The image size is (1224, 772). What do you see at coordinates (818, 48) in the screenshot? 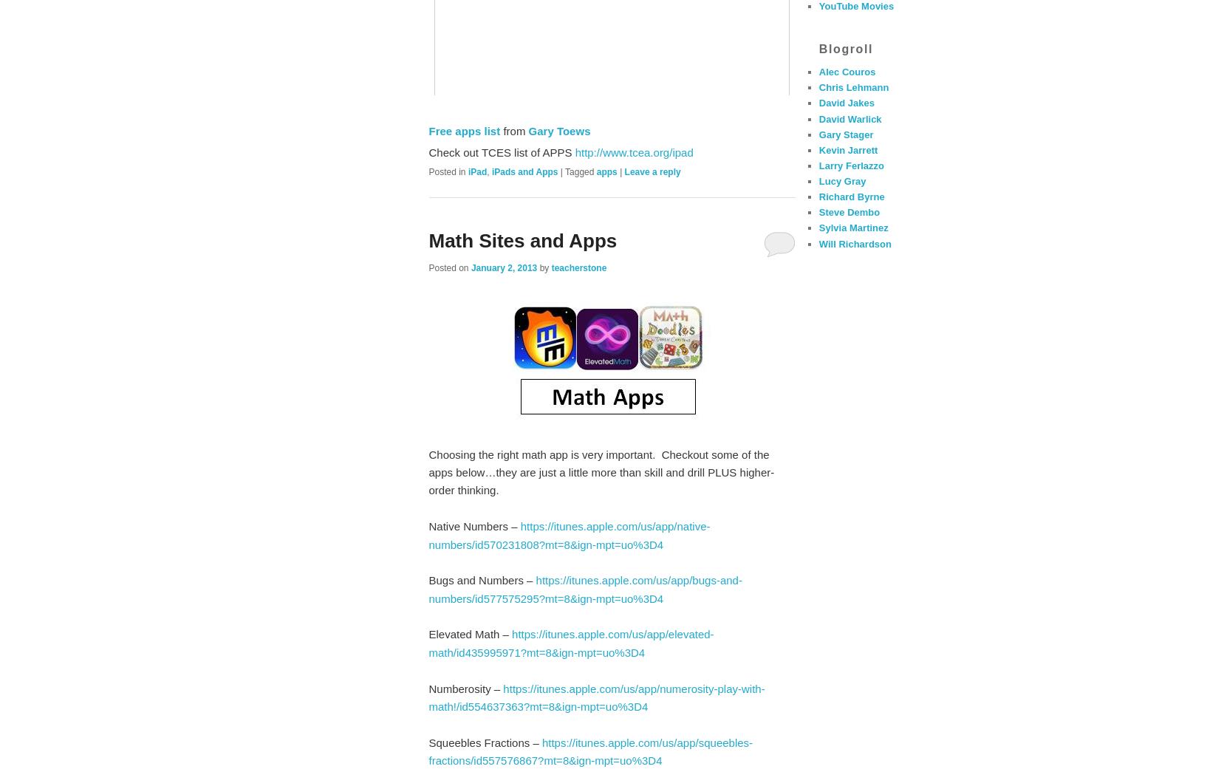
I see `'Blogroll'` at bounding box center [818, 48].